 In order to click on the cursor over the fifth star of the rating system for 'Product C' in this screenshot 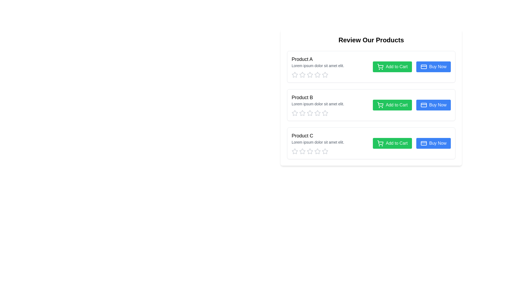, I will do `click(310, 151)`.